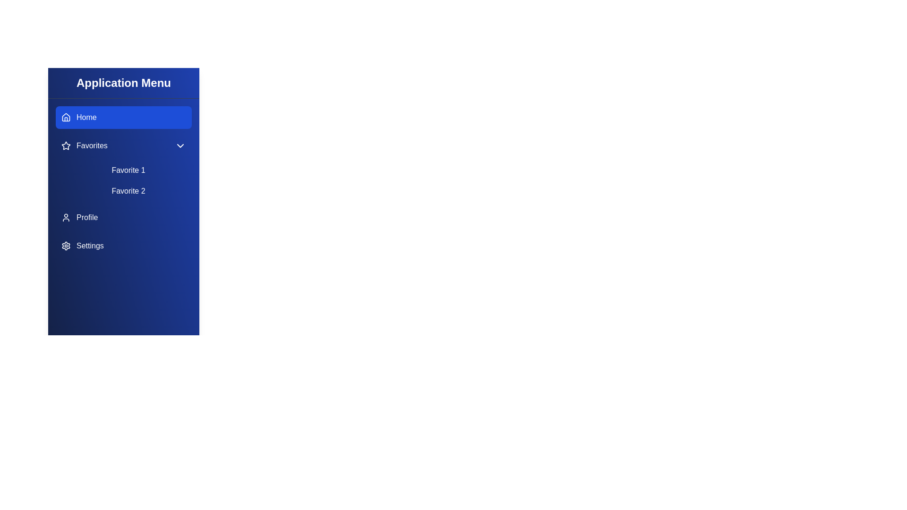 The height and width of the screenshot is (510, 907). What do you see at coordinates (65, 145) in the screenshot?
I see `the non-interactive star icon representing the 'Favorites' section located in the sidebar menu next to the 'Favorites' label` at bounding box center [65, 145].